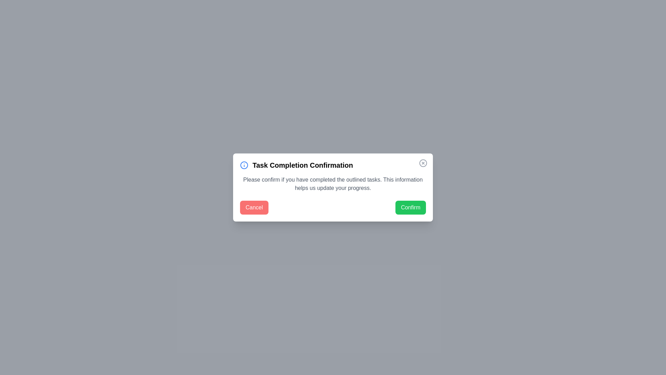 Image resolution: width=666 pixels, height=375 pixels. Describe the element at coordinates (254, 207) in the screenshot. I see `the cancel button to cancel the task confirmation` at that location.